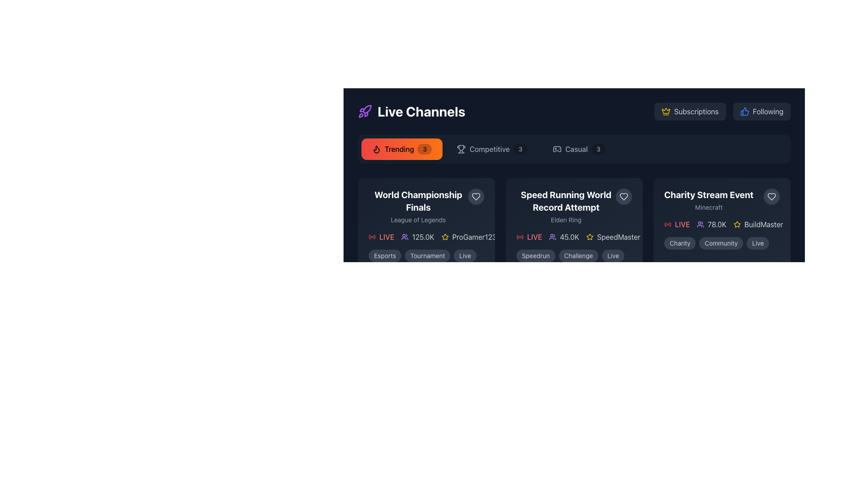 The image size is (860, 484). Describe the element at coordinates (372, 236) in the screenshot. I see `the live status icon located to the immediate left of the 'LIVE' label in the notification section` at that location.